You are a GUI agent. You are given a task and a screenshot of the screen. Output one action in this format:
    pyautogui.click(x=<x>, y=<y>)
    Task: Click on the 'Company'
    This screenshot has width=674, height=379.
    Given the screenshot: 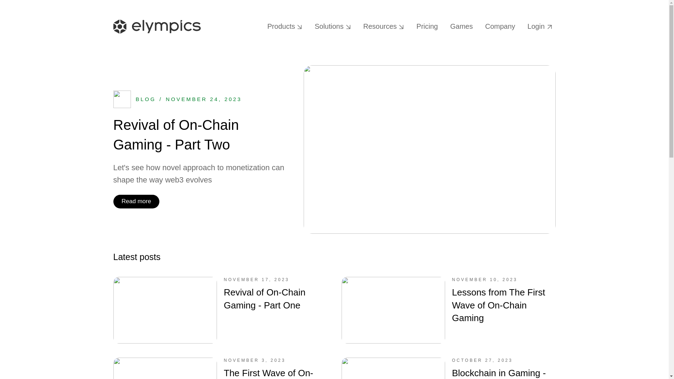 What is the action you would take?
    pyautogui.click(x=481, y=26)
    